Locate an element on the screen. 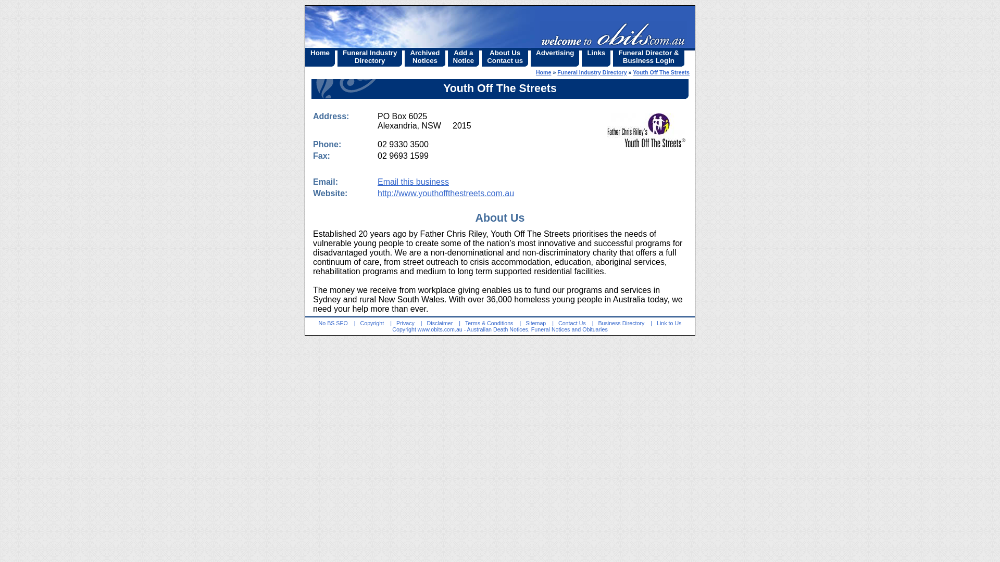  'Youth Off The Streets' is located at coordinates (632, 71).